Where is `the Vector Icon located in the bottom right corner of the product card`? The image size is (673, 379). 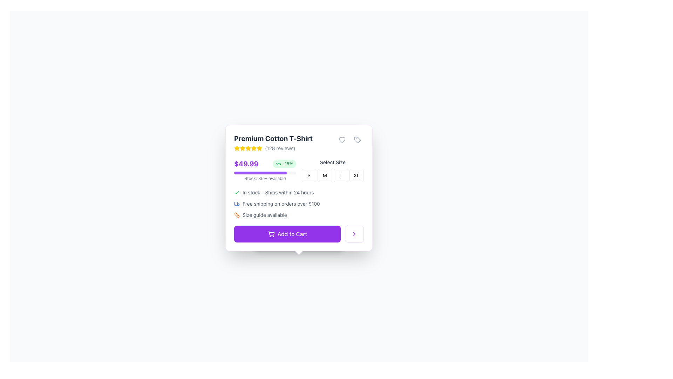 the Vector Icon located in the bottom right corner of the product card is located at coordinates (354, 234).